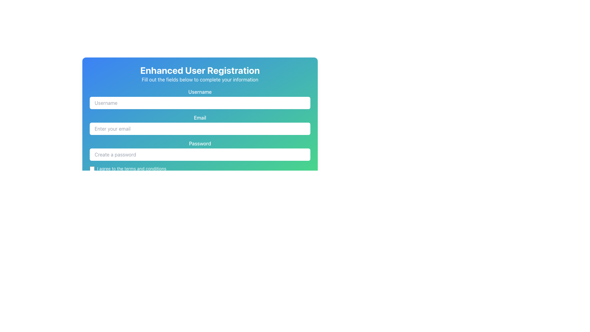  I want to click on the text label indicating the purpose of the email input field, positioned centrally above the input field with the placeholder 'Enter your email', so click(200, 117).